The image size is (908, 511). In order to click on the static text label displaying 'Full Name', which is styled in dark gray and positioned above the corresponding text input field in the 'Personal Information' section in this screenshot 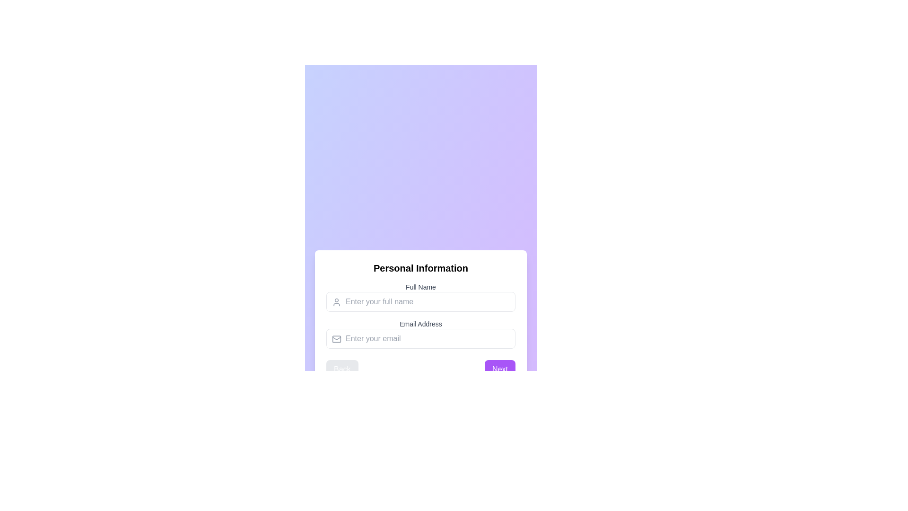, I will do `click(420, 286)`.